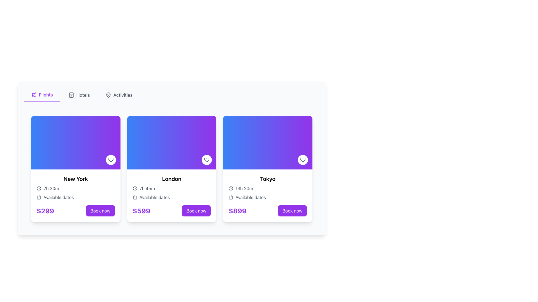 This screenshot has width=538, height=302. What do you see at coordinates (39, 197) in the screenshot?
I see `the calendar icon located in the 'Available dates' section, which is styled in gray and positioned to the left of the text 'Available dates'` at bounding box center [39, 197].